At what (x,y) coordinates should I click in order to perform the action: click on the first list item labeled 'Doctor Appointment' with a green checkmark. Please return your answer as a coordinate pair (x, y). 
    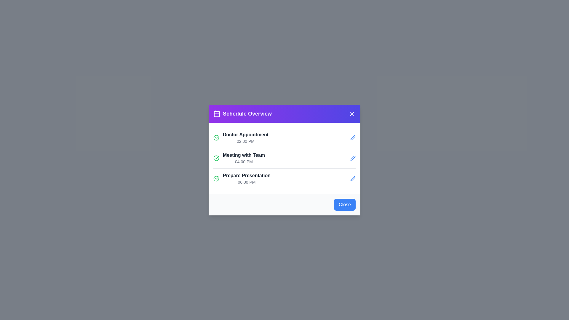
    Looking at the image, I should click on (241, 137).